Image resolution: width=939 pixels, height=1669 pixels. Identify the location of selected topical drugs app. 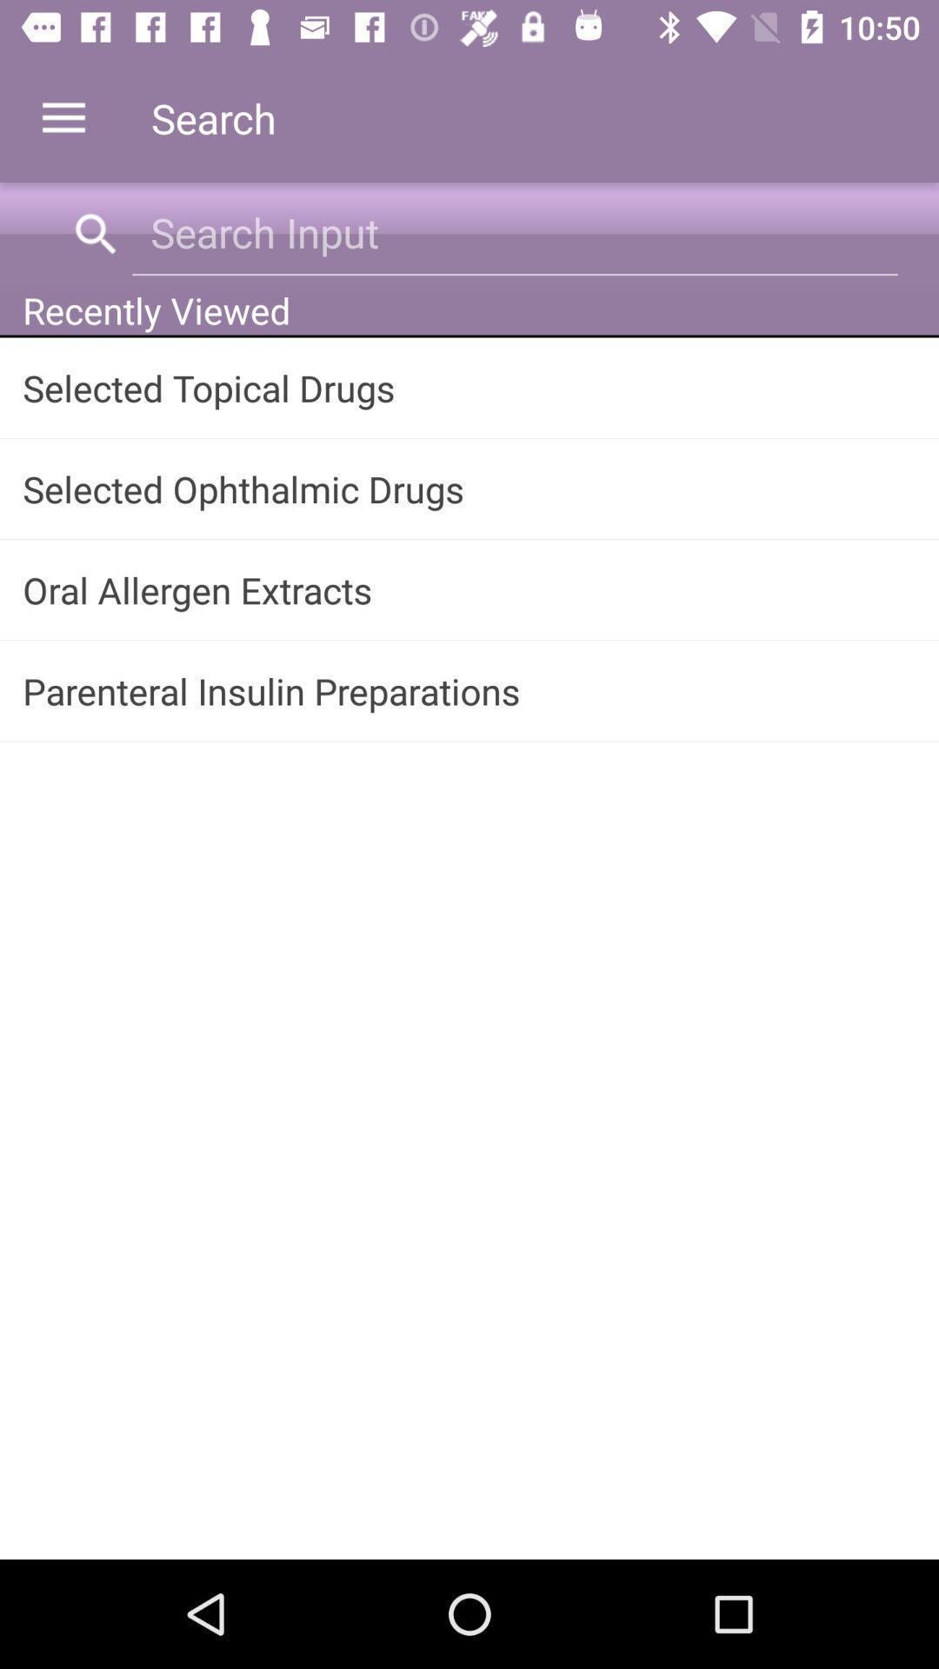
(469, 387).